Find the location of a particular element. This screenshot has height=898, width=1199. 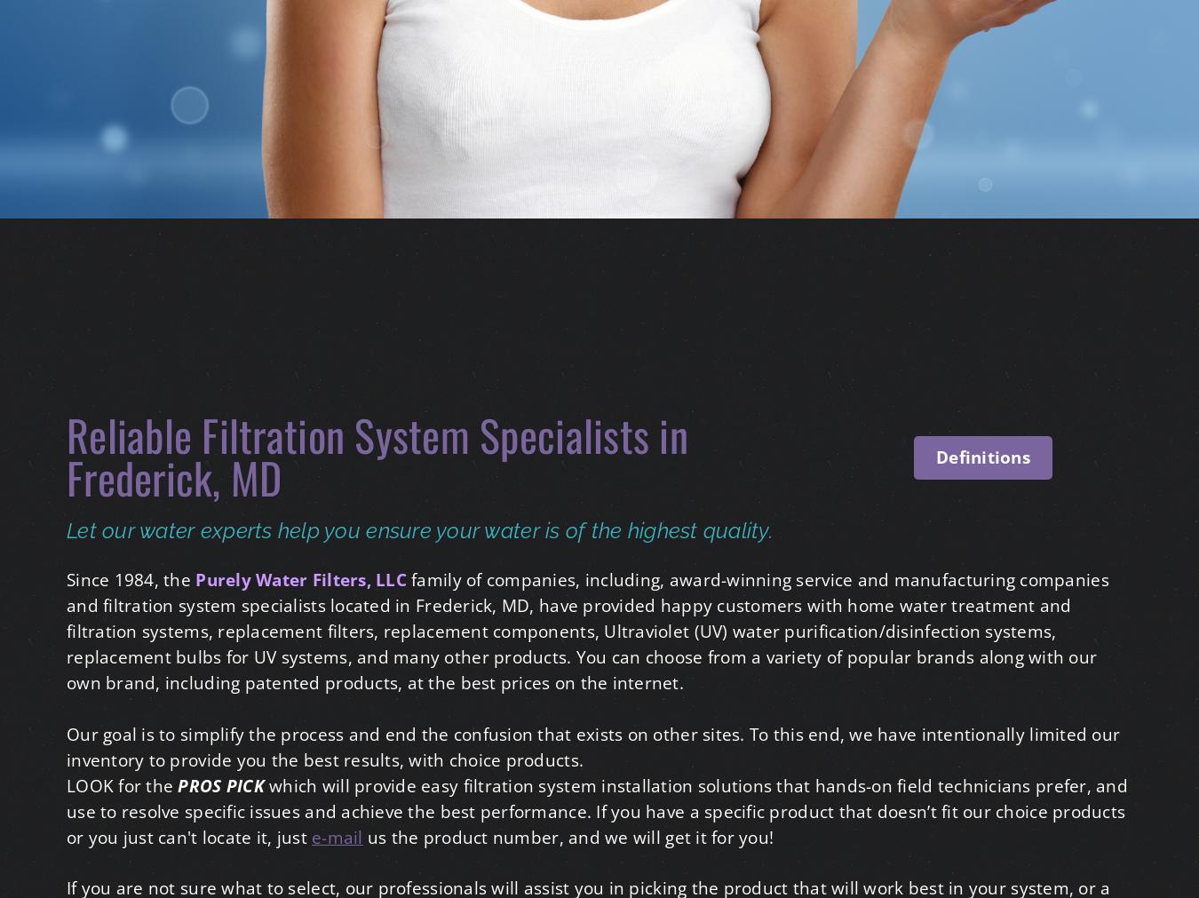

'Let our water experts help you ensure your water is of the highest quality.' is located at coordinates (419, 529).